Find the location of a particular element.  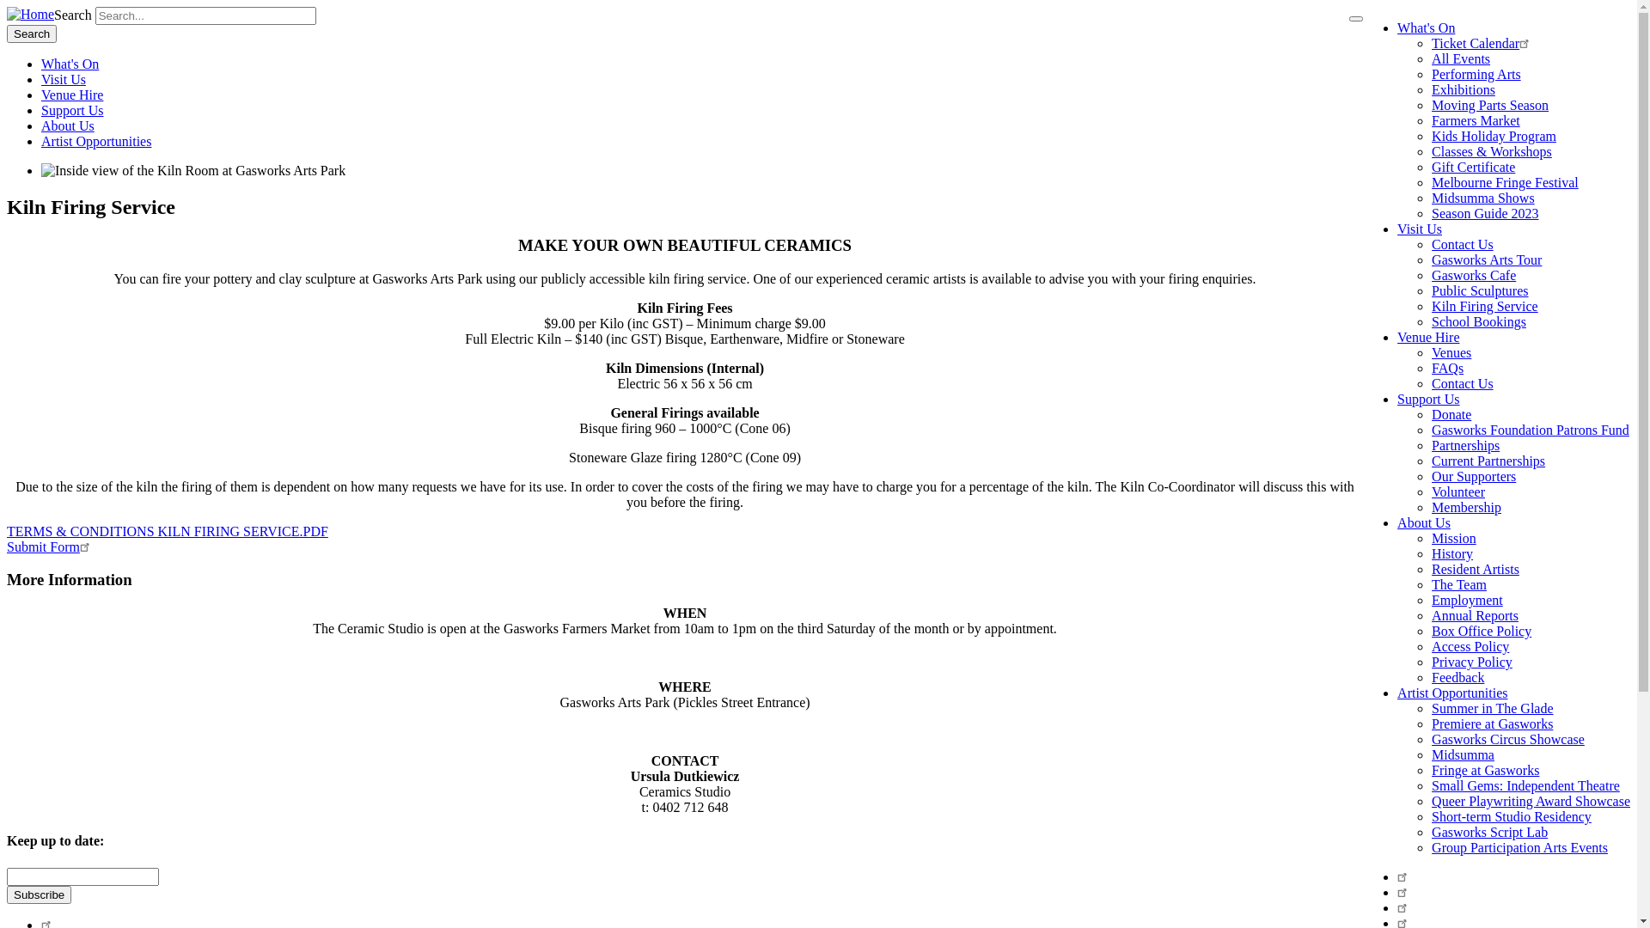

'Feedback' is located at coordinates (1457, 676).